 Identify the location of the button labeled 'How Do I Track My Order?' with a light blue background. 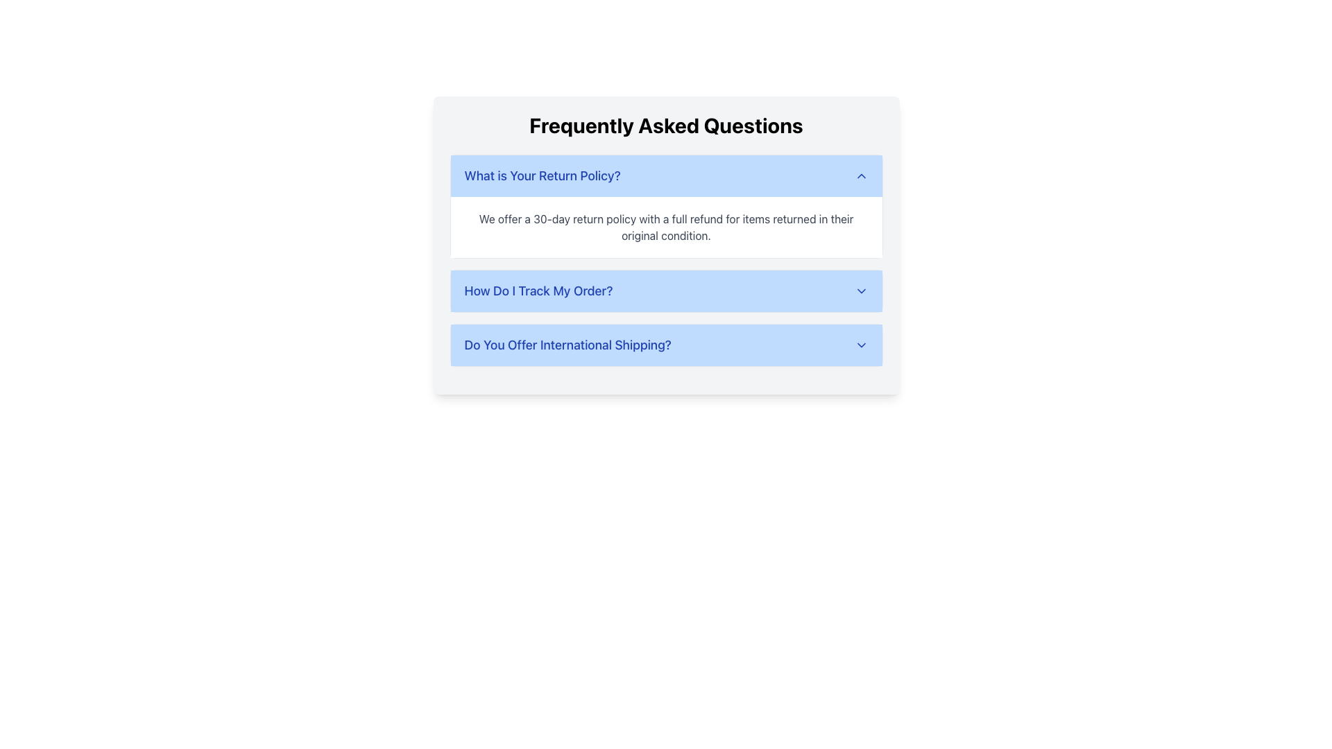
(666, 291).